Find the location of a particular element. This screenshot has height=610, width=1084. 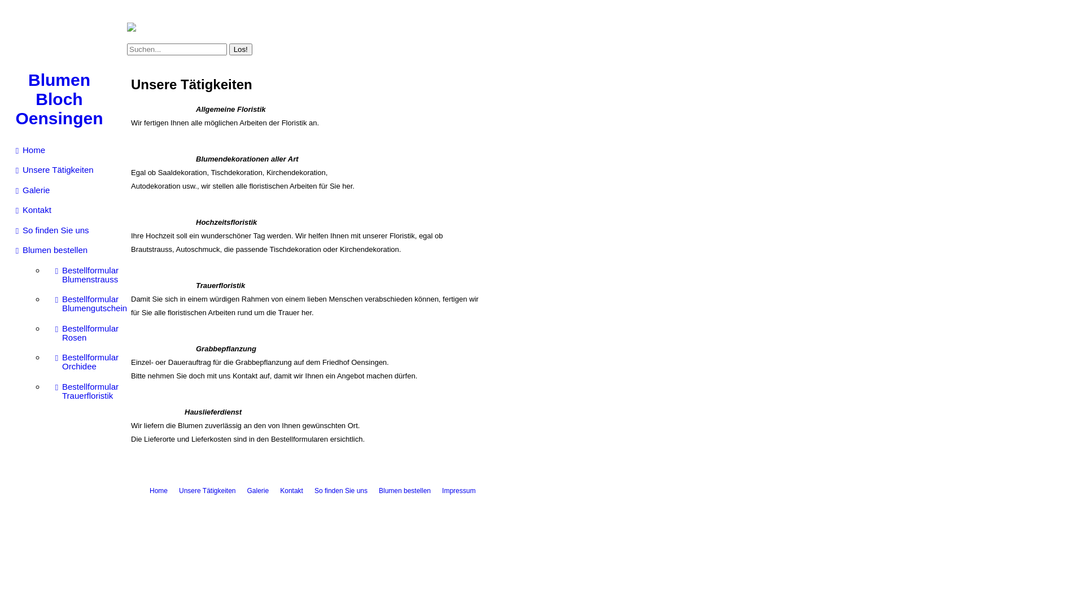

'Galerie' is located at coordinates (10, 189).